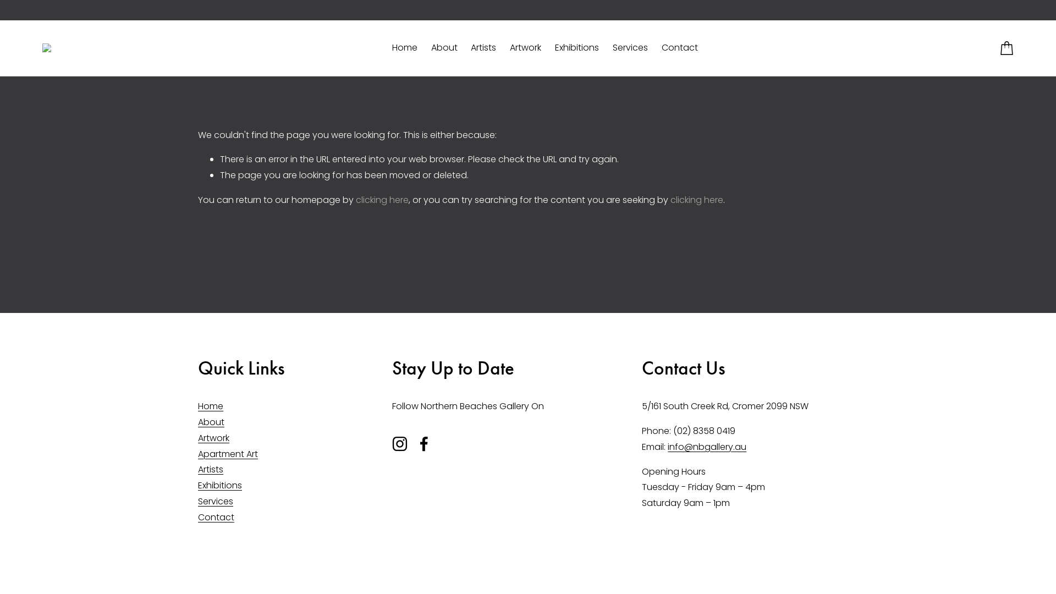 The image size is (1056, 594). Describe the element at coordinates (219, 485) in the screenshot. I see `'Exhibitions'` at that location.